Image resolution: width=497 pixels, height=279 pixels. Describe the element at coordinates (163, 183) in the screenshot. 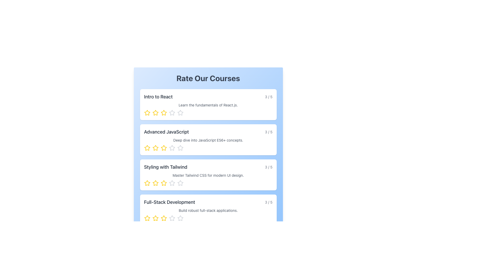

I see `the third star icon in the 'Rate Our Courses' section` at that location.